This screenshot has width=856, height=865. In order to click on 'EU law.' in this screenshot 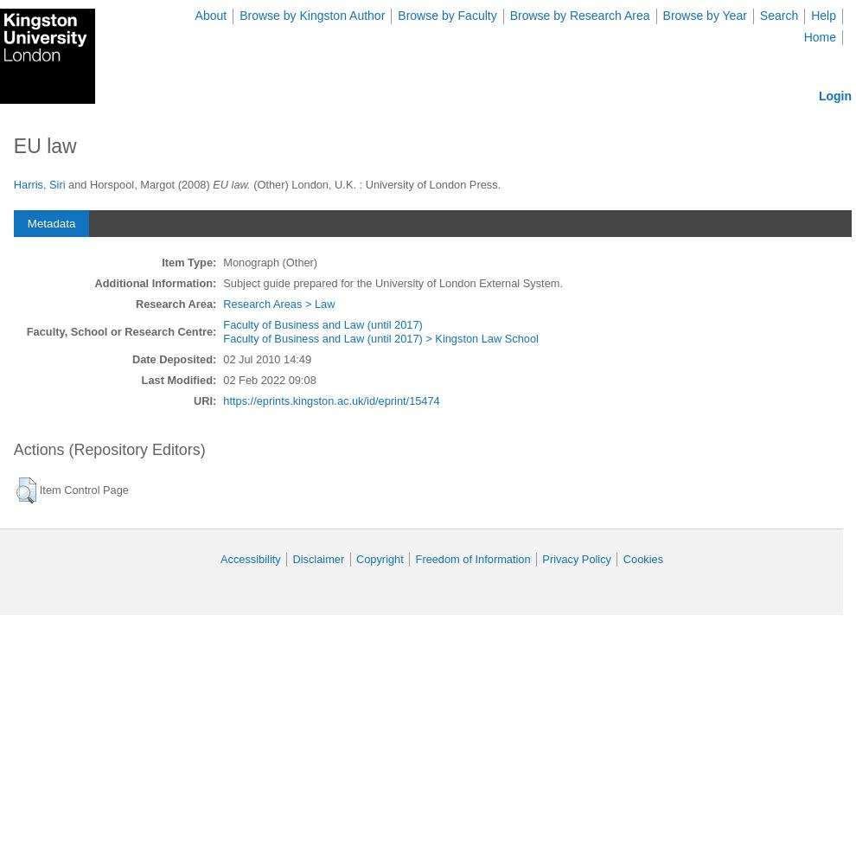, I will do `click(231, 183)`.